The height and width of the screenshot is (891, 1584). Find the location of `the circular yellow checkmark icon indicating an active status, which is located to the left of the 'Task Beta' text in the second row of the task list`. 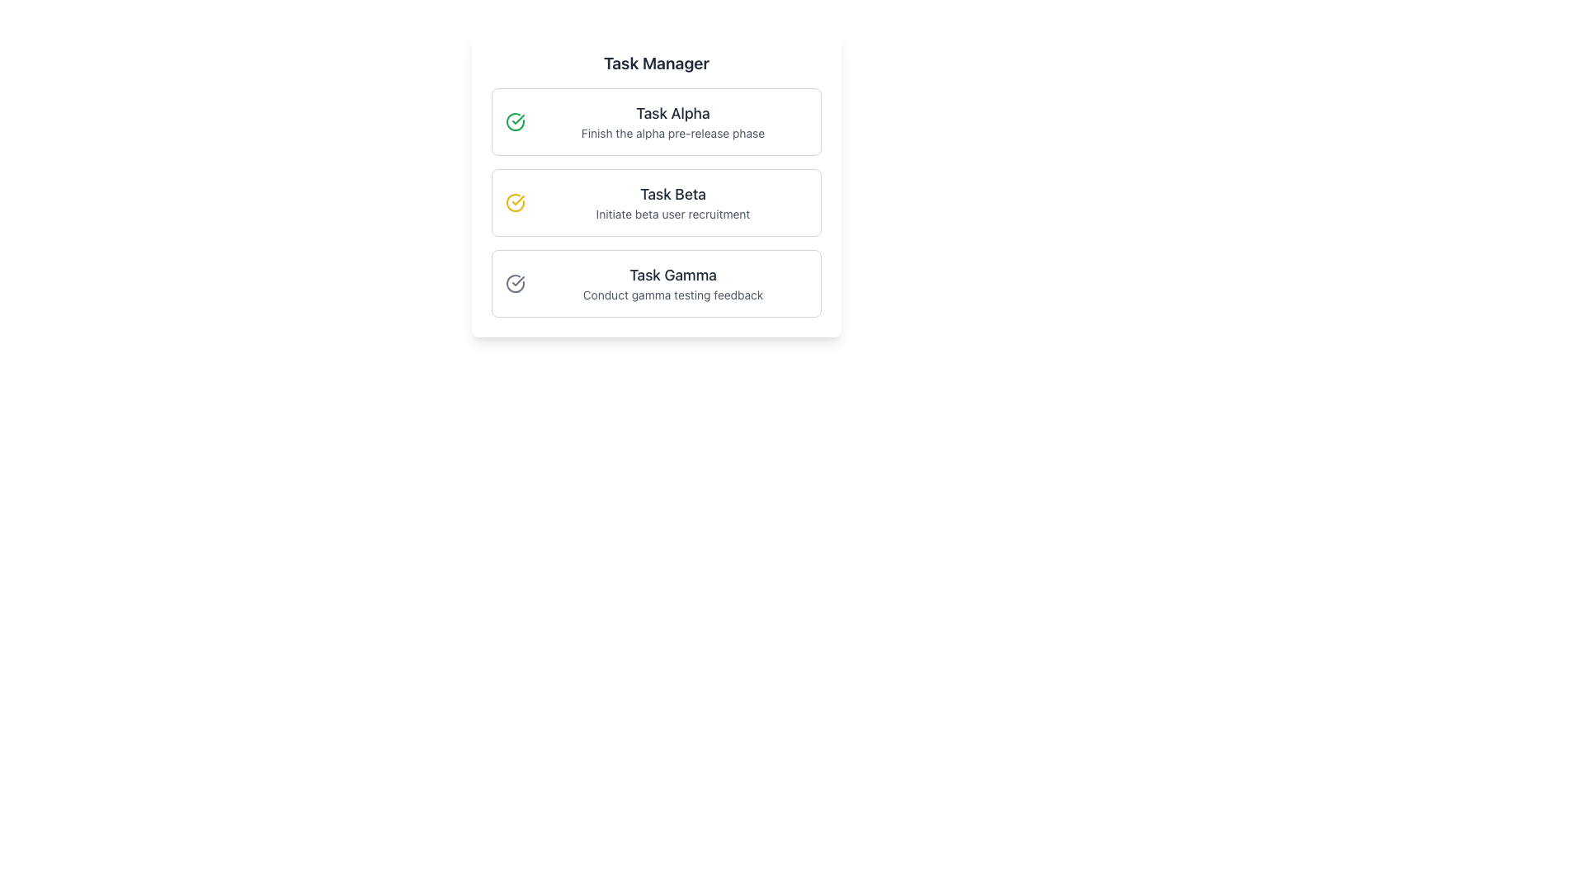

the circular yellow checkmark icon indicating an active status, which is located to the left of the 'Task Beta' text in the second row of the task list is located at coordinates (514, 202).